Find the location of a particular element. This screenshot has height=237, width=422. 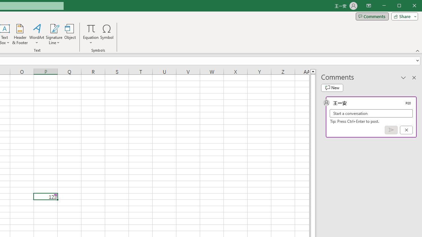

'Share' is located at coordinates (403, 16).